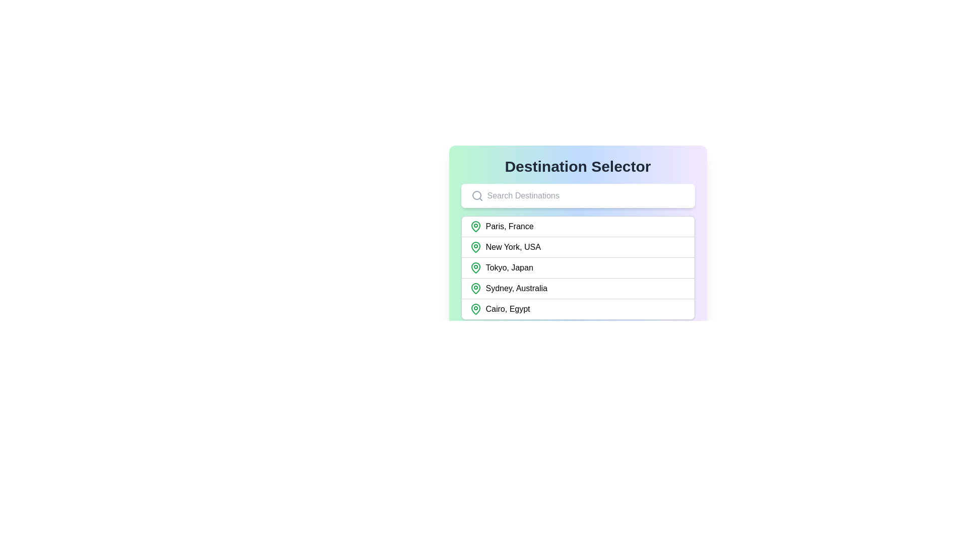  What do you see at coordinates (475, 308) in the screenshot?
I see `location pin icon representing 'Cairo, Egypt' in the list of destinations by opening the developer tools` at bounding box center [475, 308].